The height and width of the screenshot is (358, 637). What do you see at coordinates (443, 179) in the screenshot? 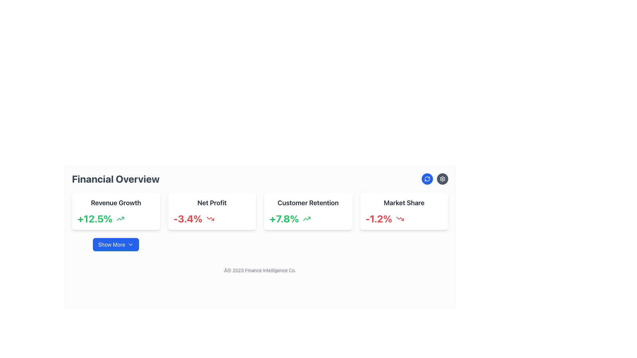
I see `the settings button located at the top-right corner of the main content area, which is the second button in a row of two, immediately to the right of a blue circular button, to show the context menu` at bounding box center [443, 179].